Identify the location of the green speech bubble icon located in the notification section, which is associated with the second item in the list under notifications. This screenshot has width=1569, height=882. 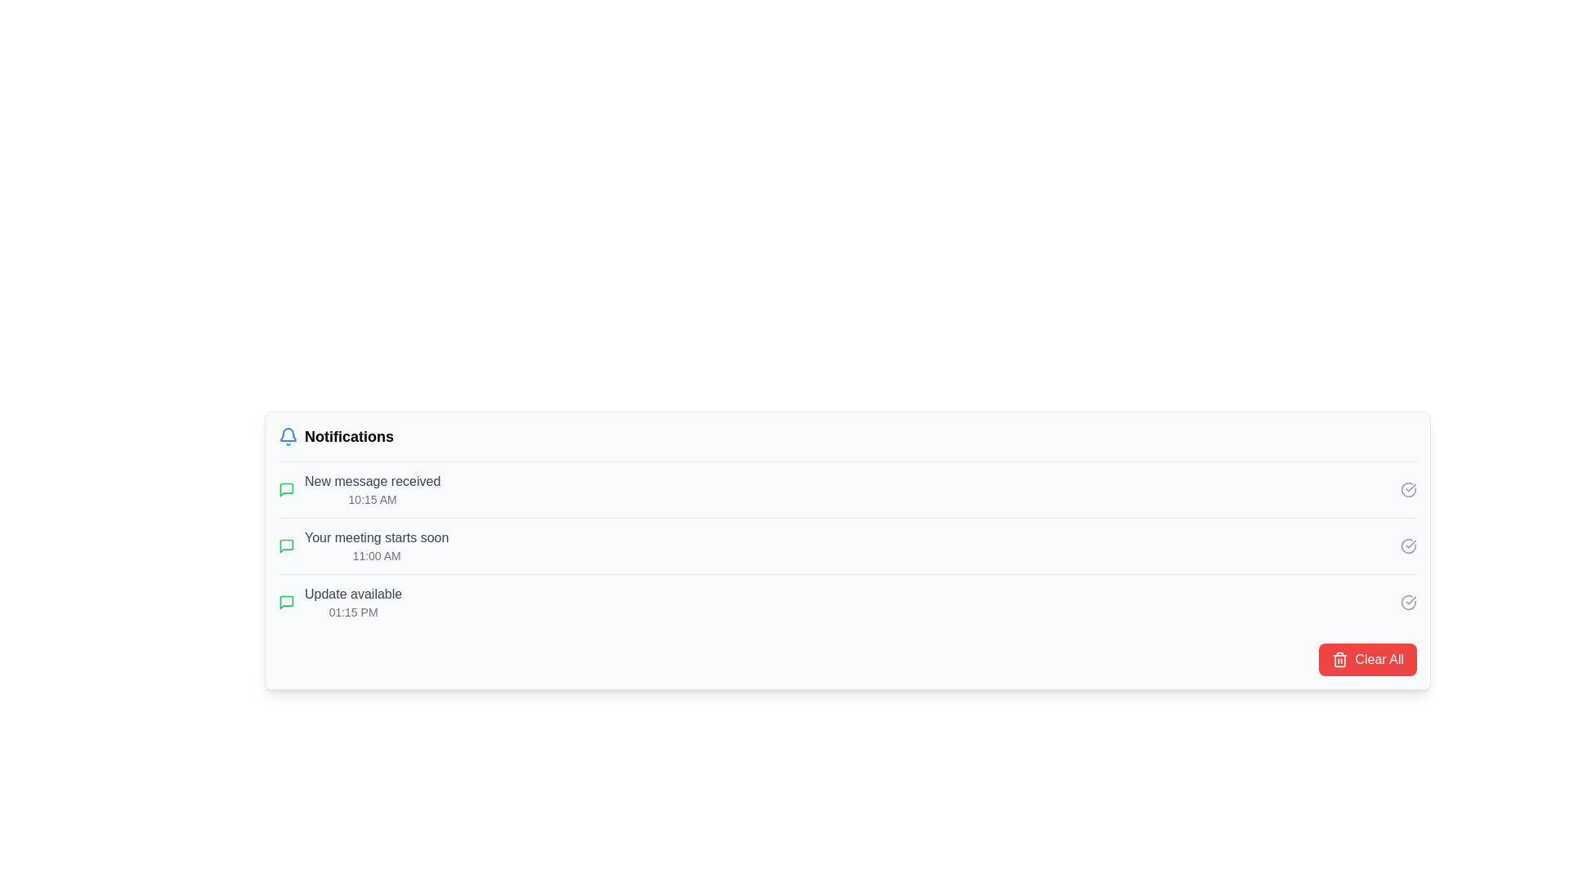
(286, 489).